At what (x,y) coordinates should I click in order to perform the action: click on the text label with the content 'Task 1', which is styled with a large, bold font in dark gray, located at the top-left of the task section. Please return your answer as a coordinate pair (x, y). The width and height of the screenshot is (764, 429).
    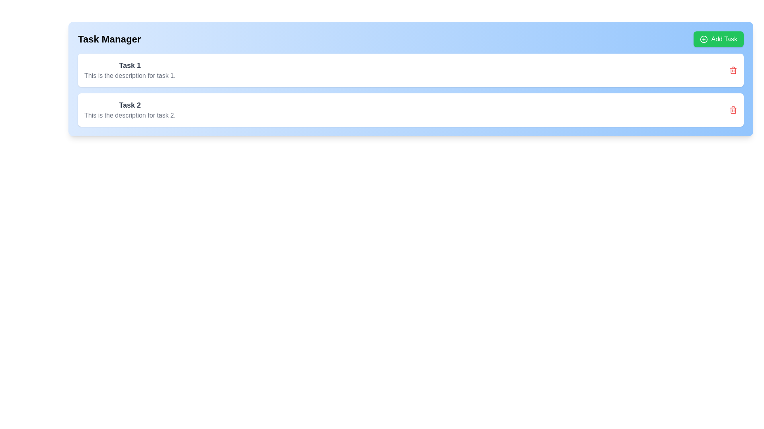
    Looking at the image, I should click on (130, 65).